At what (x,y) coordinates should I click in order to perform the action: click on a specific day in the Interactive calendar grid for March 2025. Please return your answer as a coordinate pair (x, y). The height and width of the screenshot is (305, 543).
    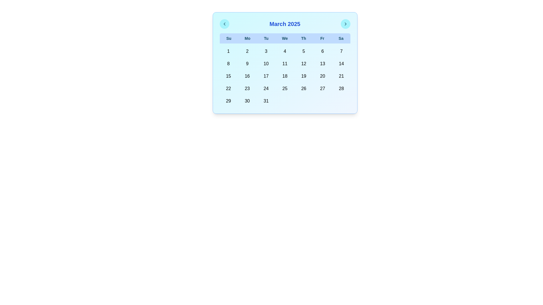
    Looking at the image, I should click on (285, 76).